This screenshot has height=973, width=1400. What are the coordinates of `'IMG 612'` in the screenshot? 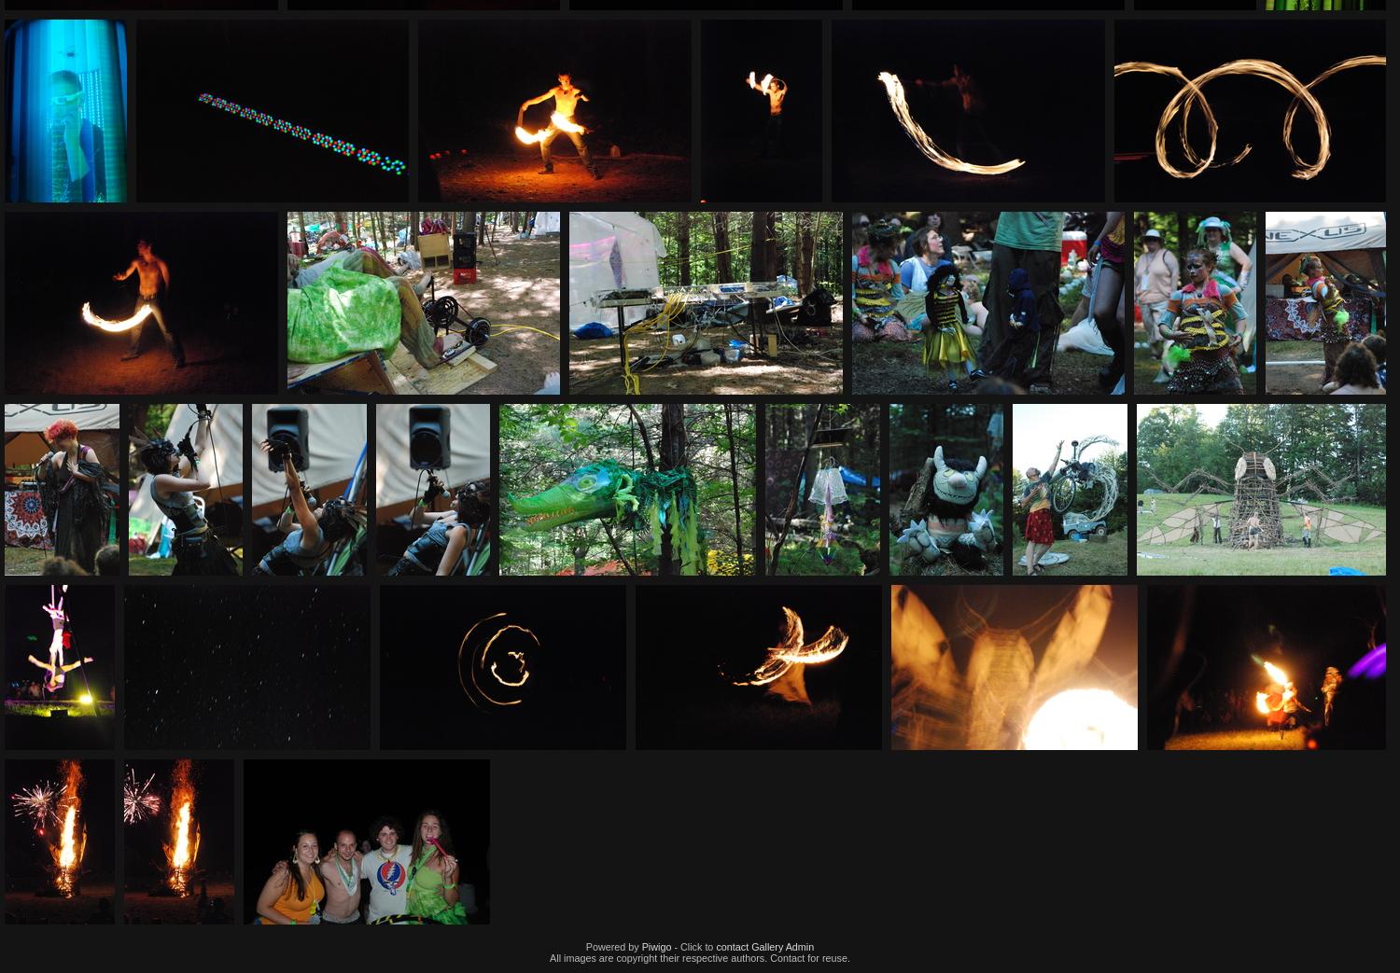 It's located at (949, 588).